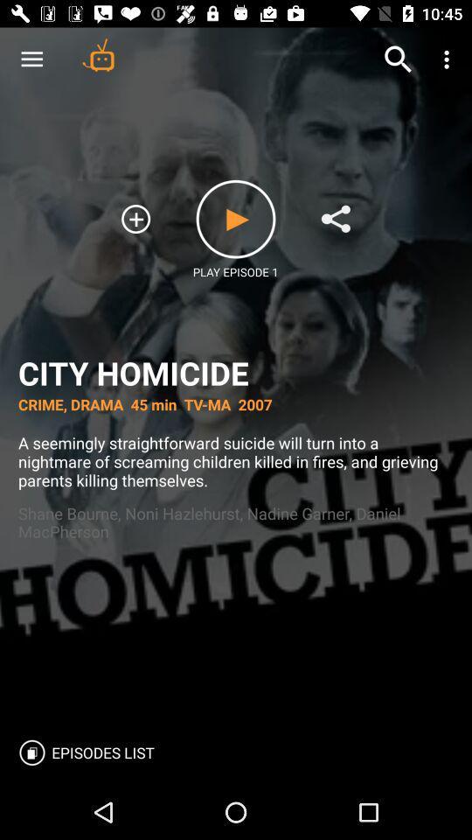  I want to click on the icon above city homicide item, so click(98, 54).